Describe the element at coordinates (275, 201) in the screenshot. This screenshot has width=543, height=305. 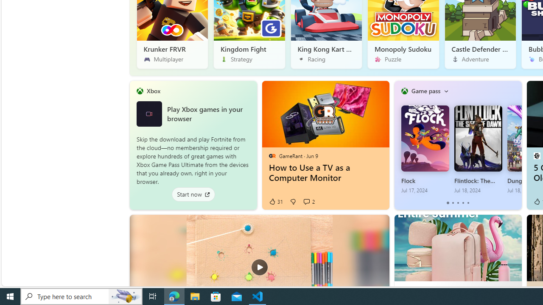
I see `'31 Like'` at that location.